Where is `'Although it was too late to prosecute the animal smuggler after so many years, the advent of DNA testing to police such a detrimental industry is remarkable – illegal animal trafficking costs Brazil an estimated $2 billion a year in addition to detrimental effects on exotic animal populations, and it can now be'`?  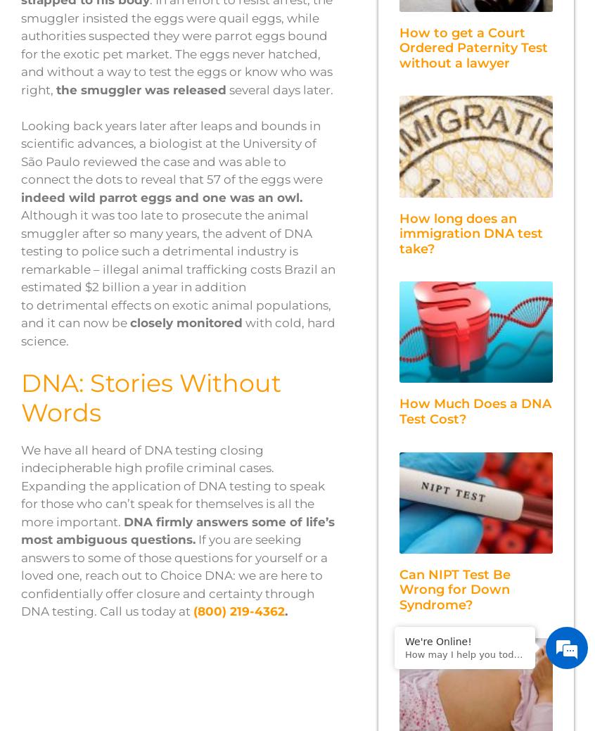 'Although it was too late to prosecute the animal smuggler after so many years, the advent of DNA testing to police such a detrimental industry is remarkable – illegal animal trafficking costs Brazil an estimated $2 billion a year in addition to detrimental effects on exotic animal populations, and it can now be' is located at coordinates (178, 268).